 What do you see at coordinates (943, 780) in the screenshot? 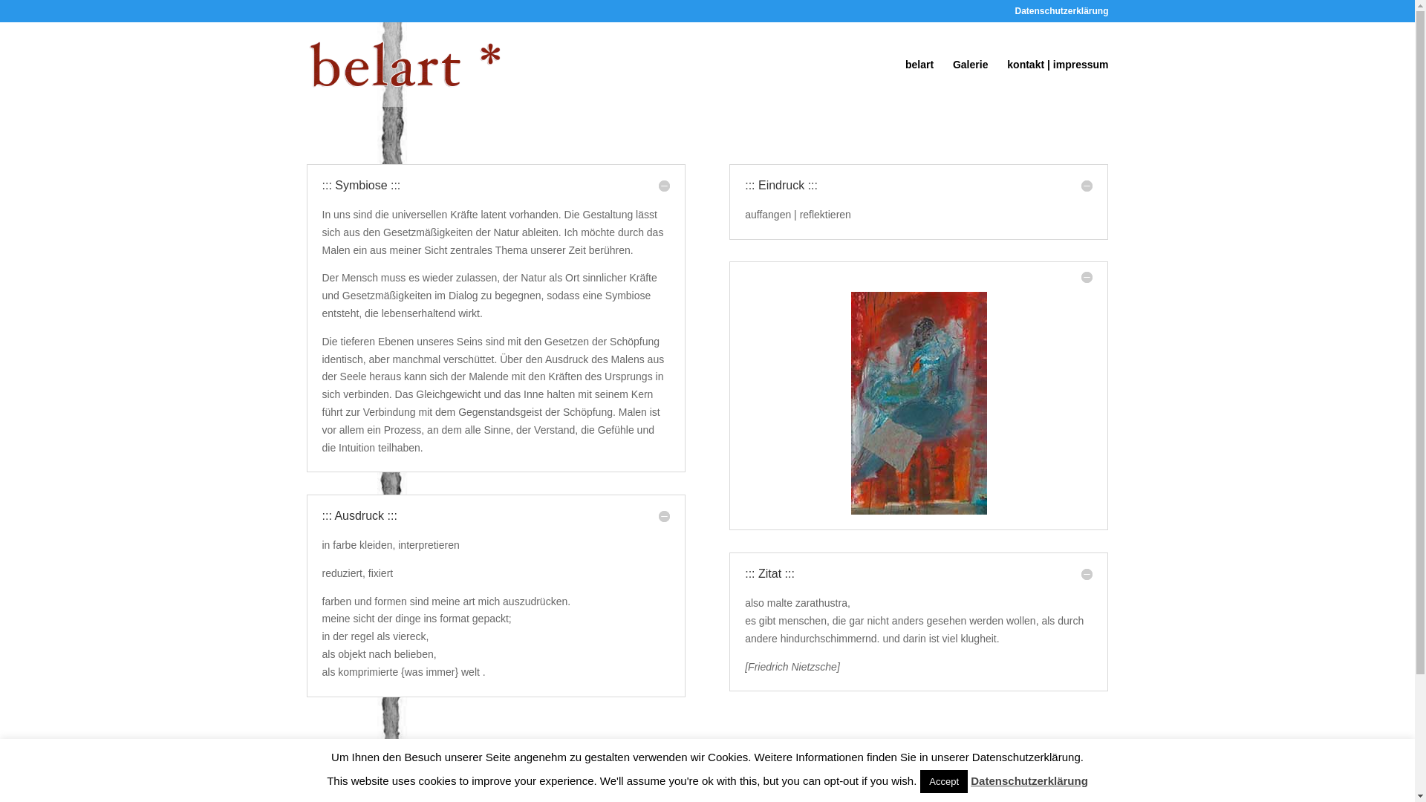
I see `'Accept'` at bounding box center [943, 780].